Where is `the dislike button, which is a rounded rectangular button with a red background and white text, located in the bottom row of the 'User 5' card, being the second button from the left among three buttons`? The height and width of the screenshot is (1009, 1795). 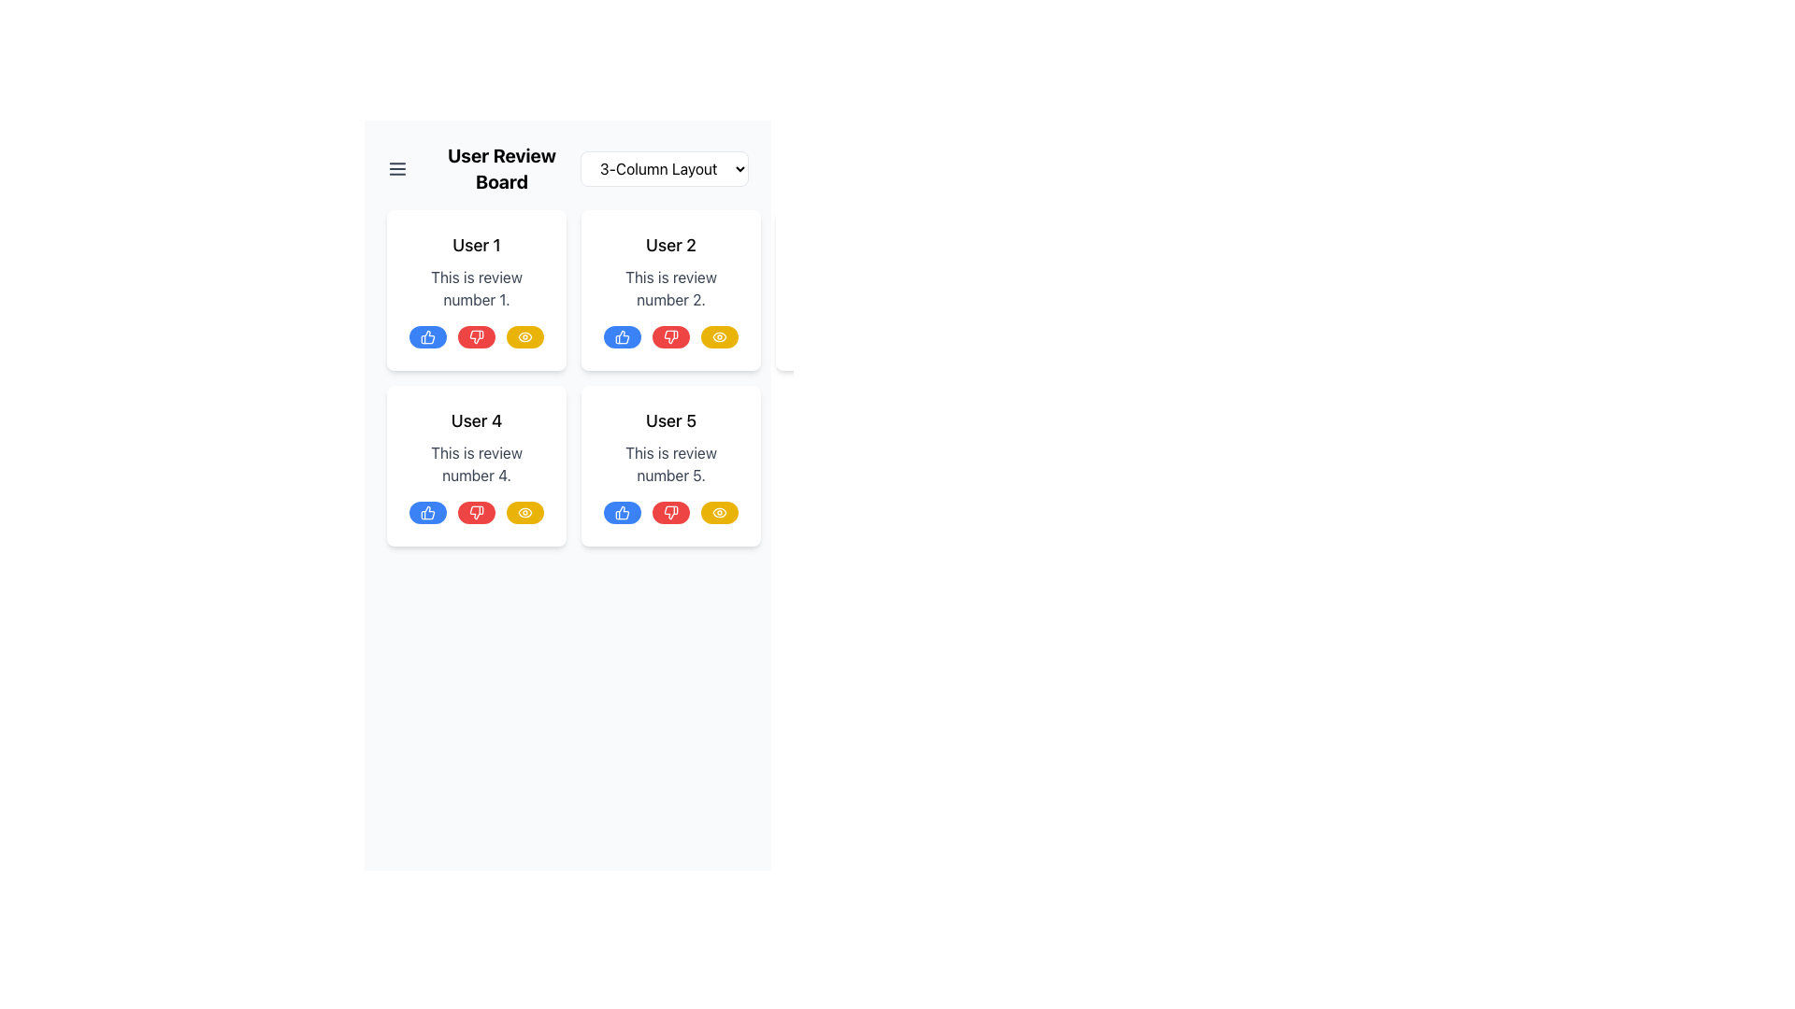 the dislike button, which is a rounded rectangular button with a red background and white text, located in the bottom row of the 'User 5' card, being the second button from the left among three buttons is located at coordinates (671, 512).